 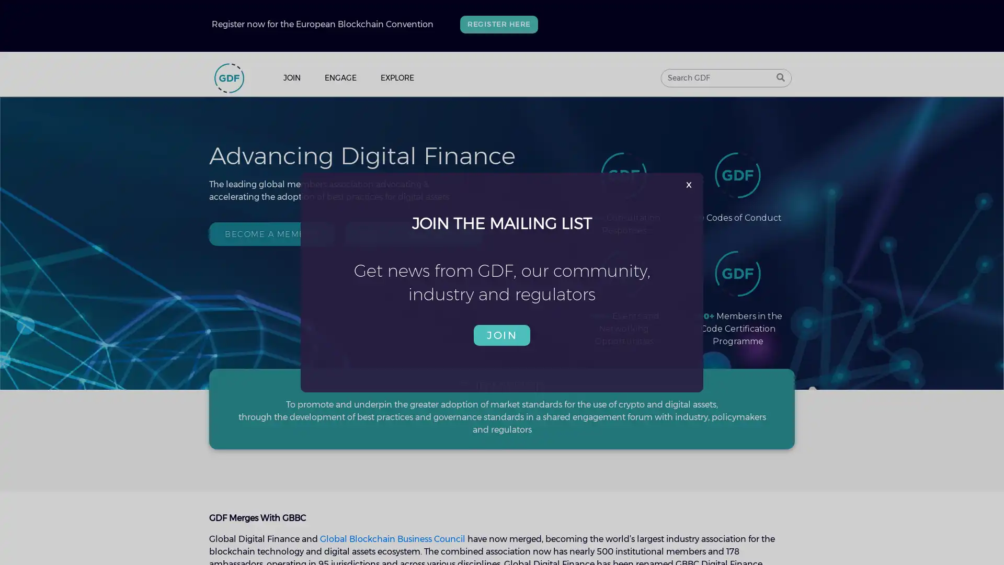 What do you see at coordinates (413, 233) in the screenshot?
I see `JOIN OUR MAILING LIST` at bounding box center [413, 233].